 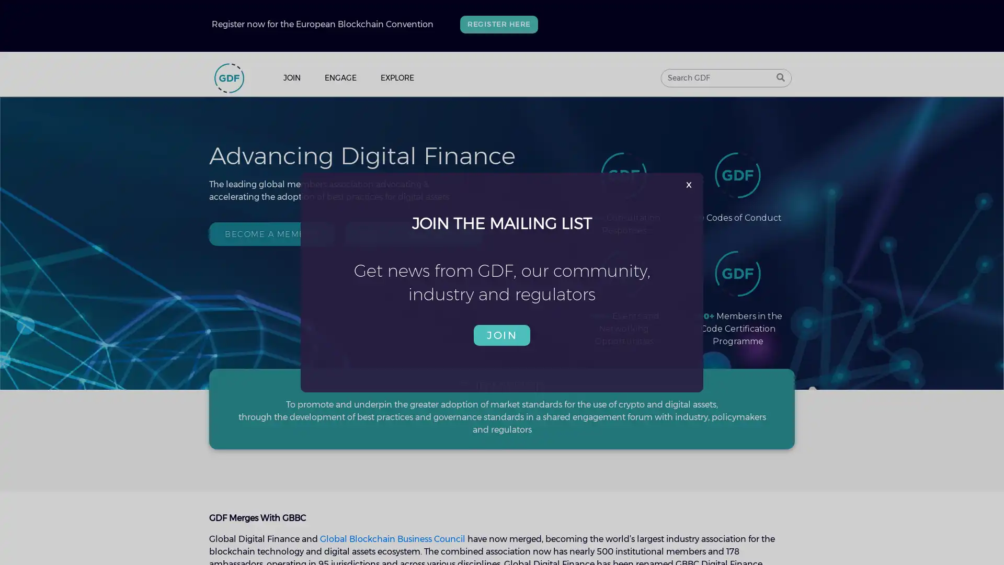 What do you see at coordinates (413, 233) in the screenshot?
I see `JOIN OUR MAILING LIST` at bounding box center [413, 233].